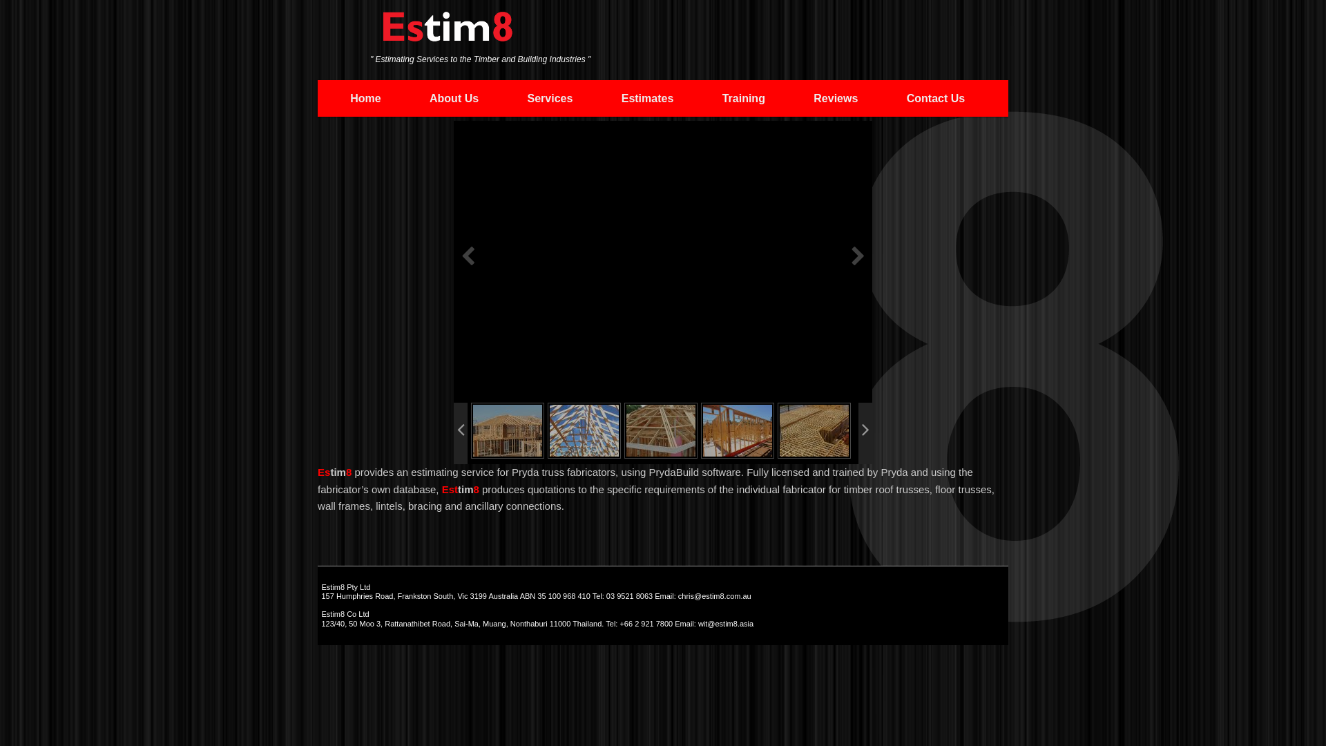  Describe the element at coordinates (334, 97) in the screenshot. I see `'Skip to secondary content'` at that location.